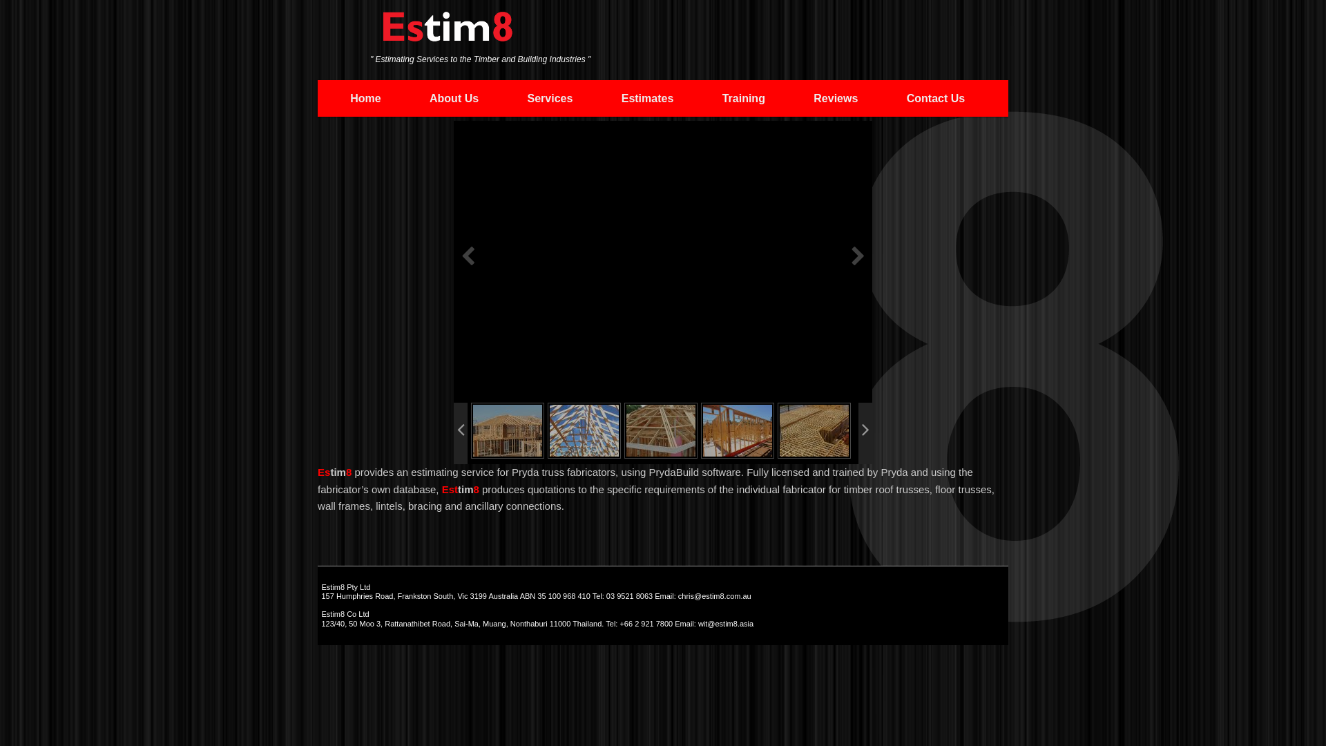  Describe the element at coordinates (334, 97) in the screenshot. I see `'Skip to secondary content'` at that location.